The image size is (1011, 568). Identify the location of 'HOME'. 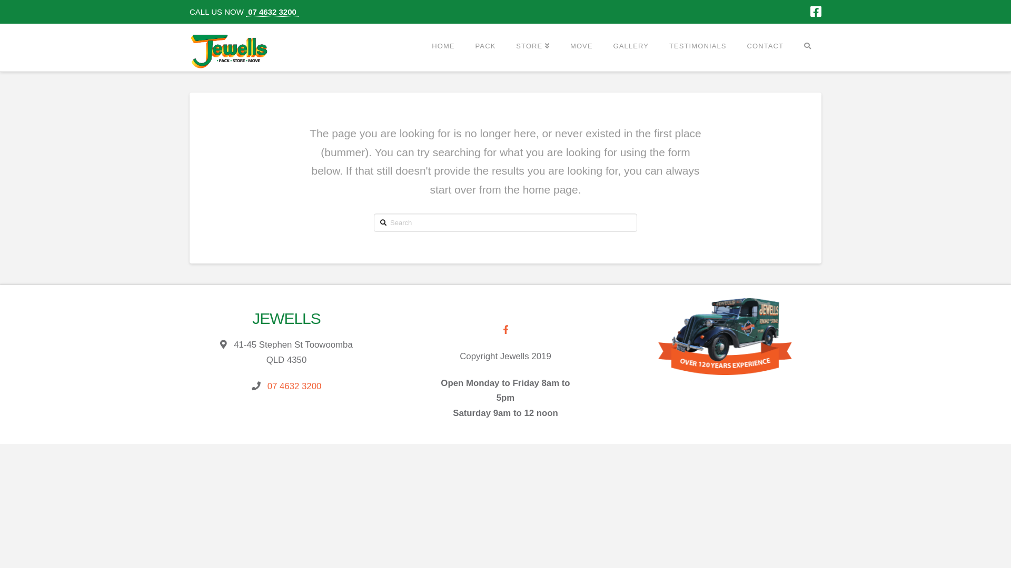
(442, 45).